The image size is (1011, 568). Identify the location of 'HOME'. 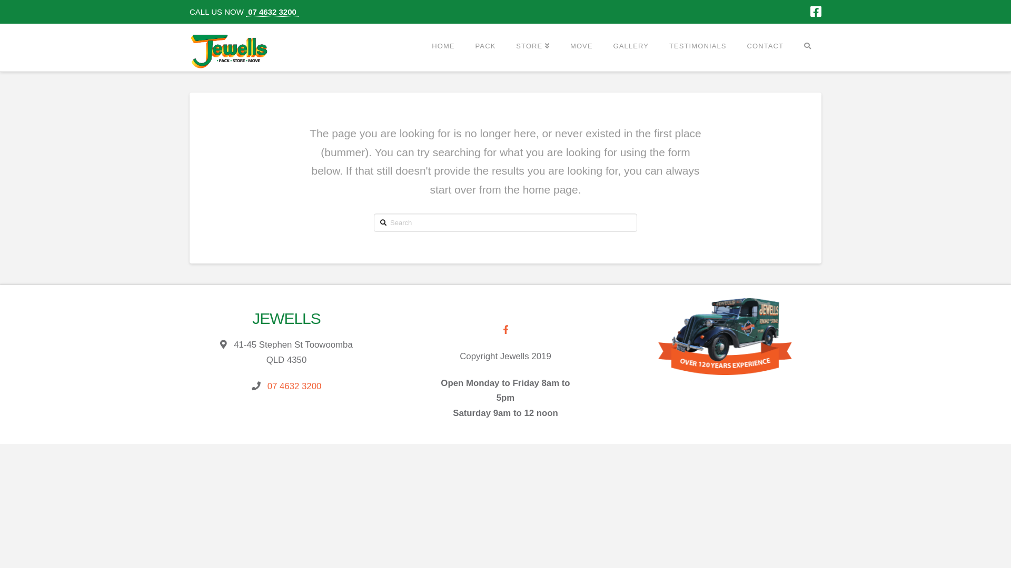
(442, 45).